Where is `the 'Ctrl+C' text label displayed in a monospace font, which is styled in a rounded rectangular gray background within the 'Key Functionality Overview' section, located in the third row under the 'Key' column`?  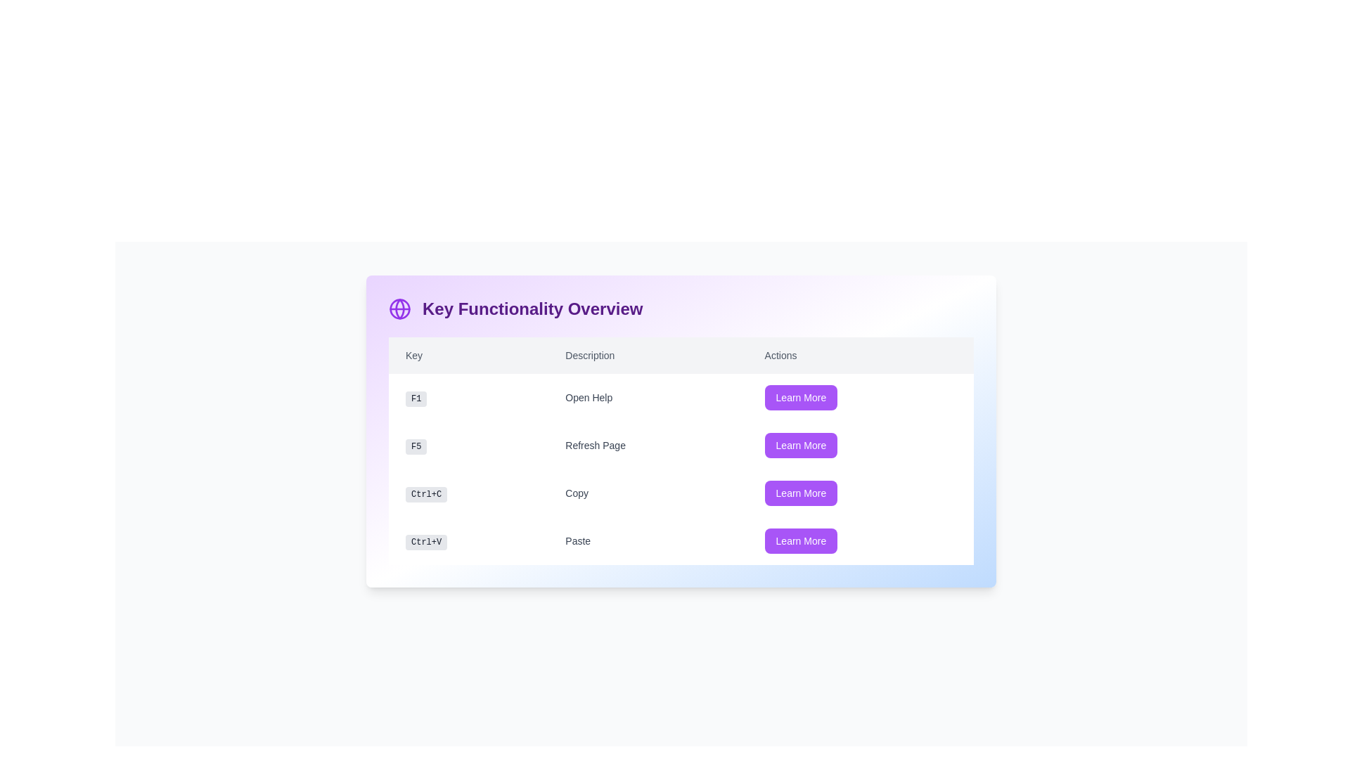 the 'Ctrl+C' text label displayed in a monospace font, which is styled in a rounded rectangular gray background within the 'Key Functionality Overview' section, located in the third row under the 'Key' column is located at coordinates (425, 494).